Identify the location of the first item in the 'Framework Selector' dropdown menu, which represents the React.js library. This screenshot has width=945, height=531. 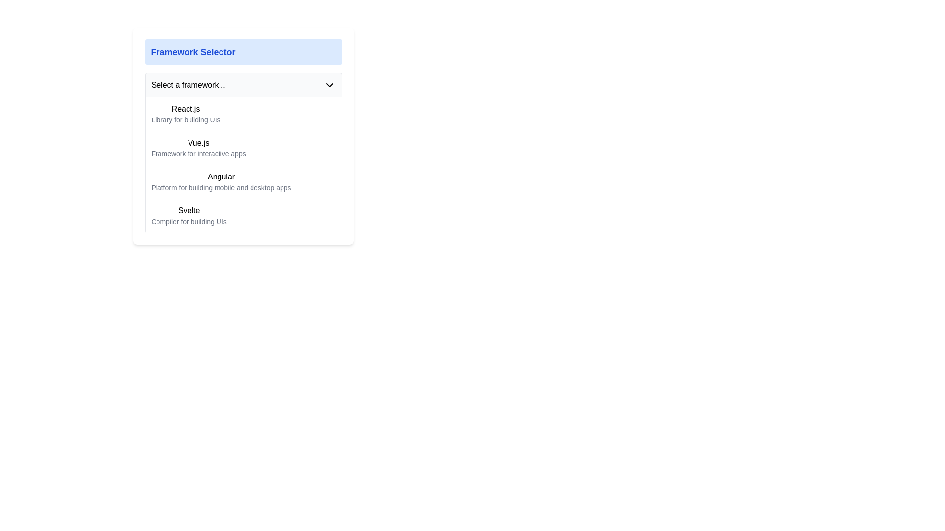
(186, 113).